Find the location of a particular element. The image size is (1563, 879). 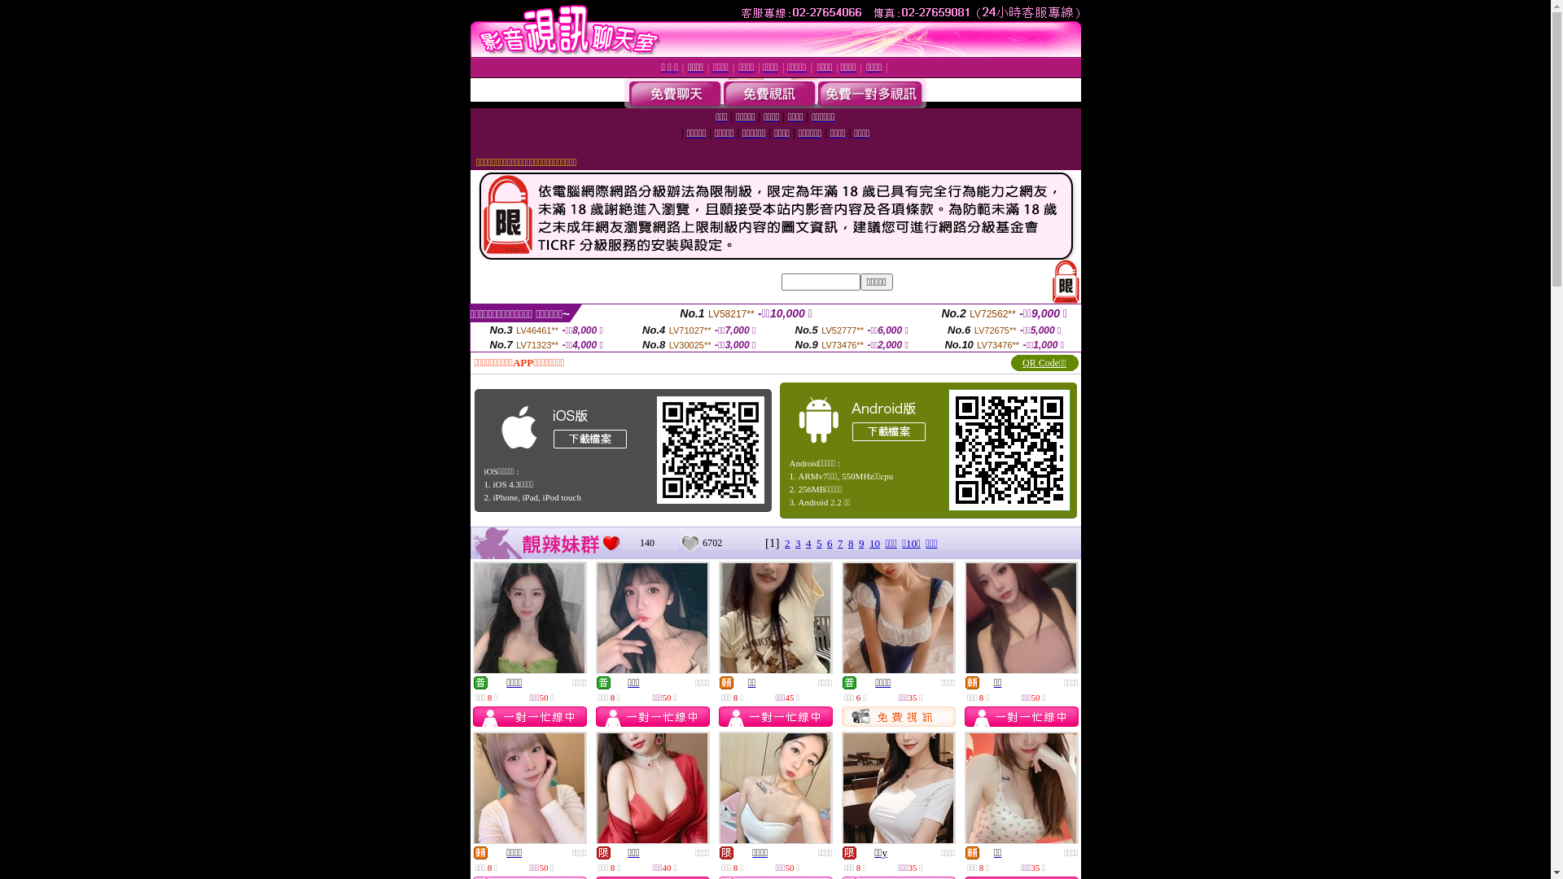

'3' is located at coordinates (795, 543).